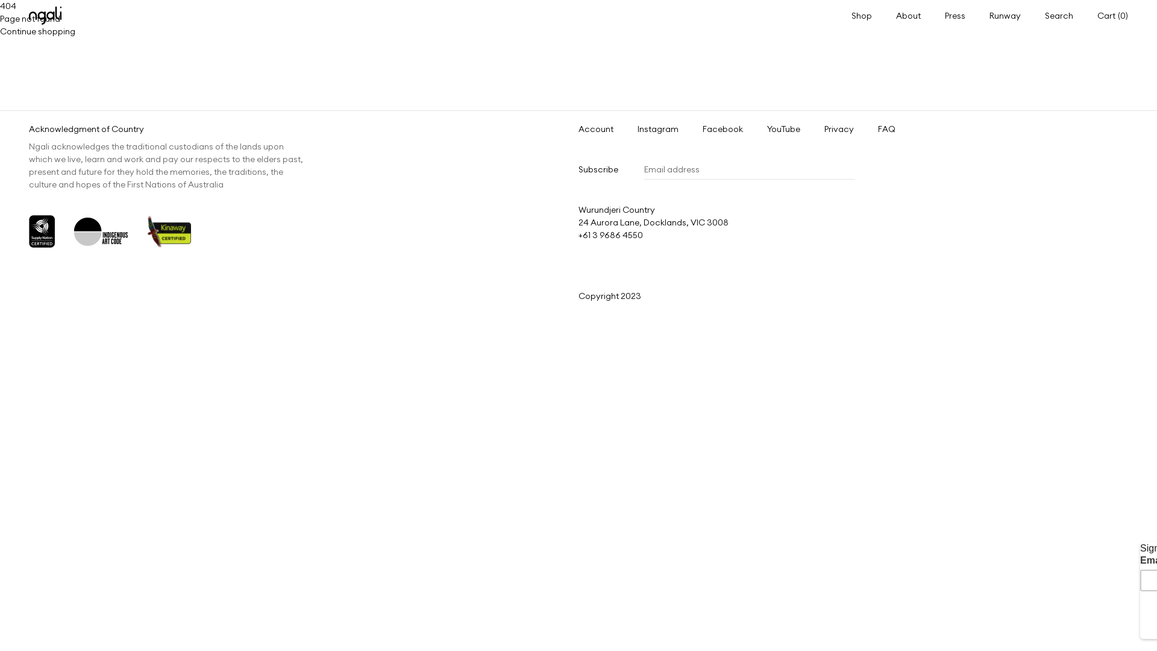  Describe the element at coordinates (886, 129) in the screenshot. I see `'FAQ'` at that location.